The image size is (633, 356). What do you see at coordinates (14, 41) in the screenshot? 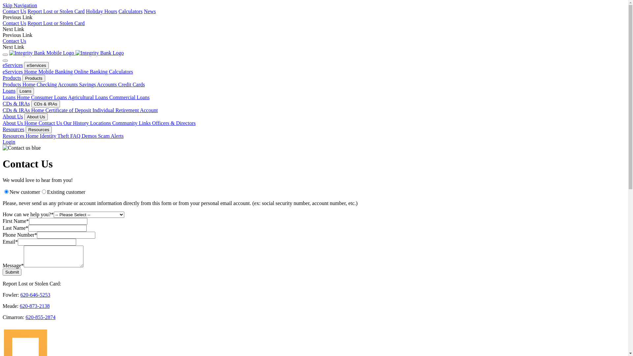
I see `'Contact Us'` at bounding box center [14, 41].